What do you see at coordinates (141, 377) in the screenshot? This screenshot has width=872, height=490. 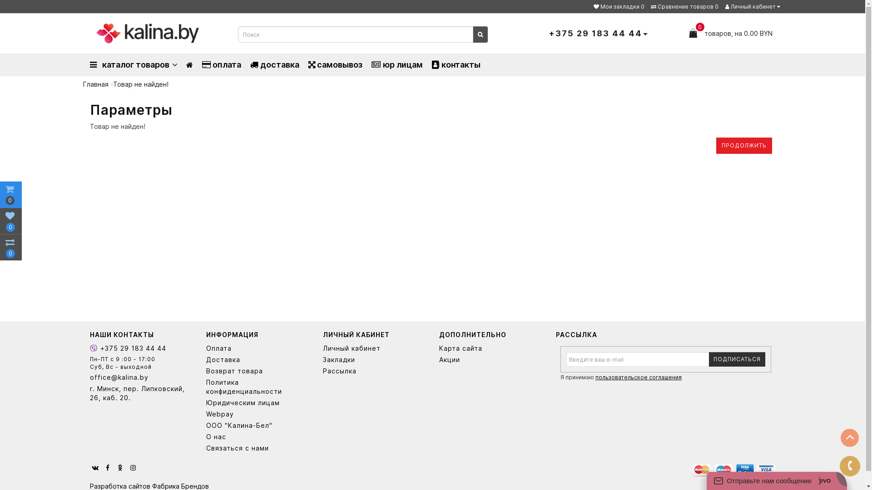 I see `'office@kalina.by'` at bounding box center [141, 377].